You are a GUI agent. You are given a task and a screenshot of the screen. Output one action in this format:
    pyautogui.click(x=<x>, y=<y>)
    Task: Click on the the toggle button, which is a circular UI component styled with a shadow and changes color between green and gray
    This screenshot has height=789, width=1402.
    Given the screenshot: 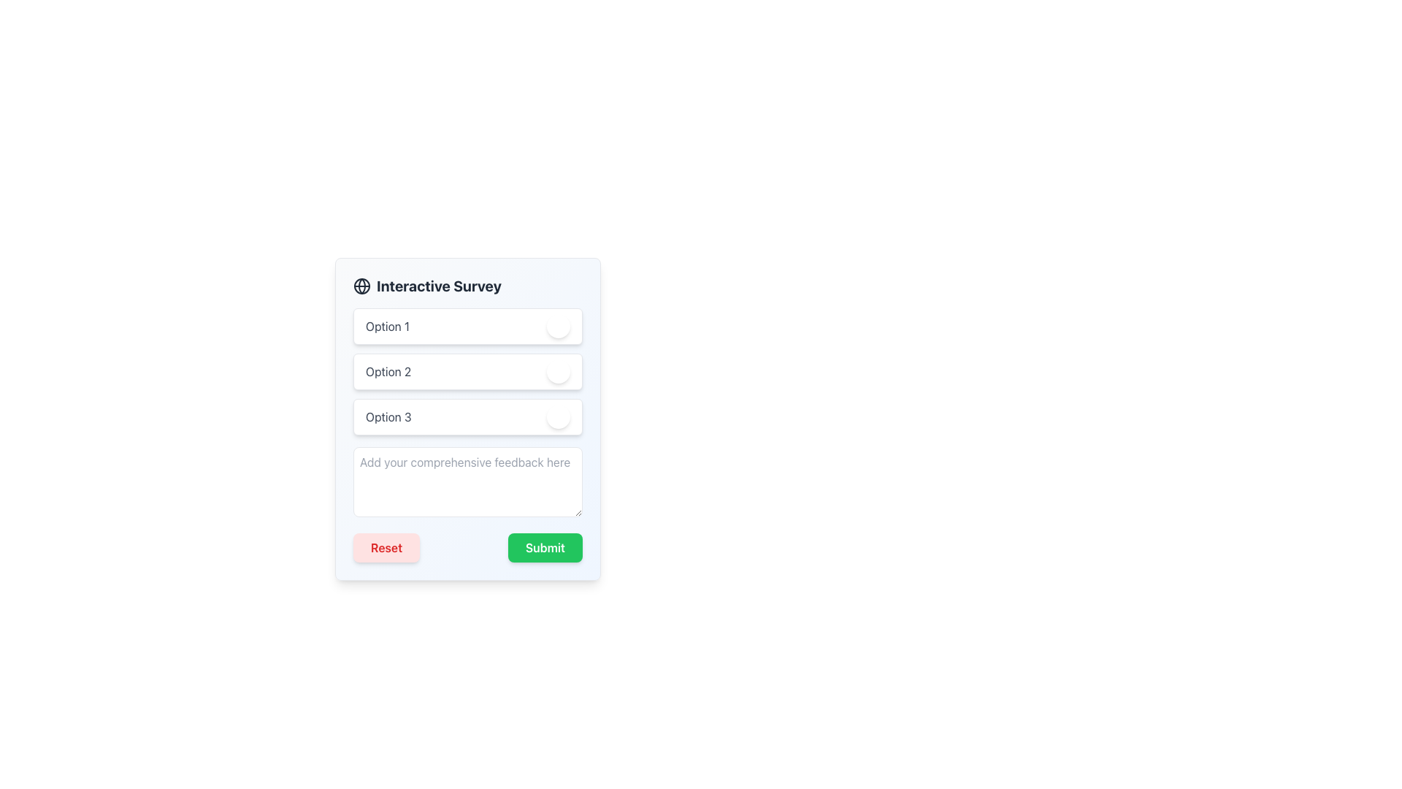 What is the action you would take?
    pyautogui.click(x=557, y=416)
    